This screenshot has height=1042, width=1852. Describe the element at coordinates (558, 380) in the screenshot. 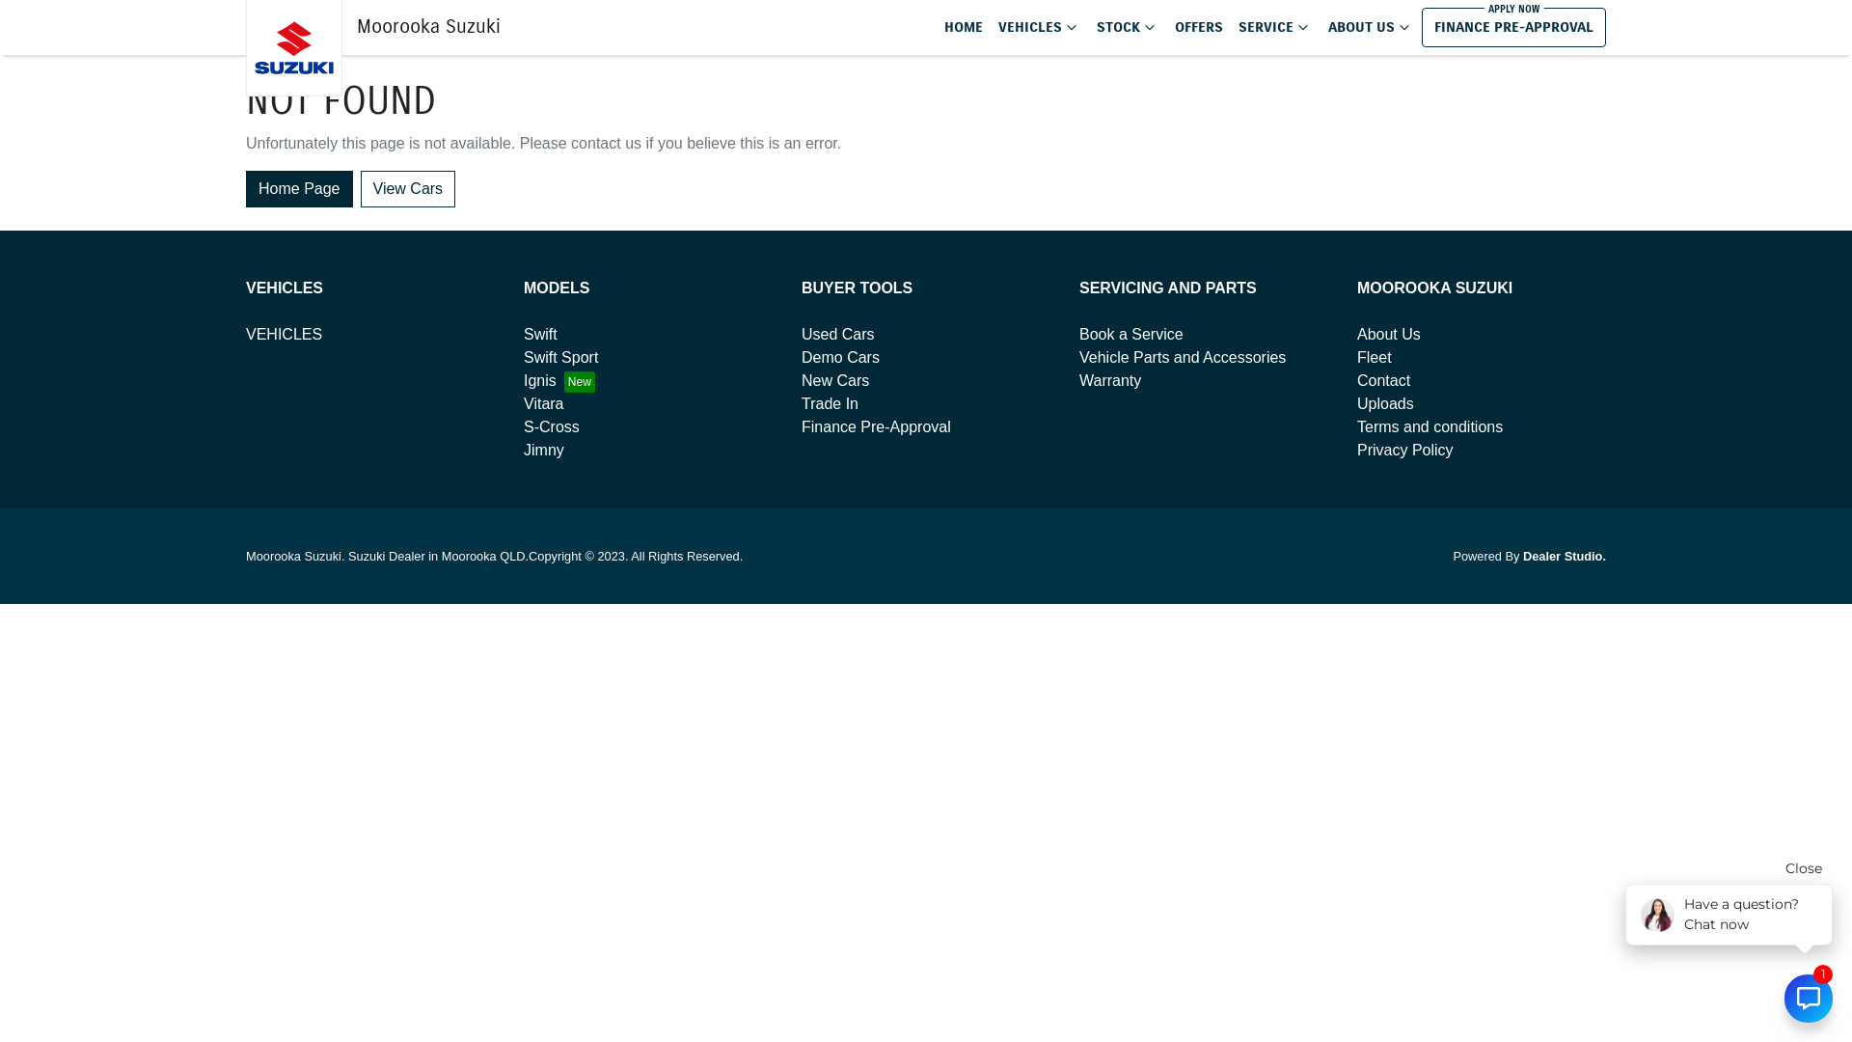

I see `'Ignis'` at that location.